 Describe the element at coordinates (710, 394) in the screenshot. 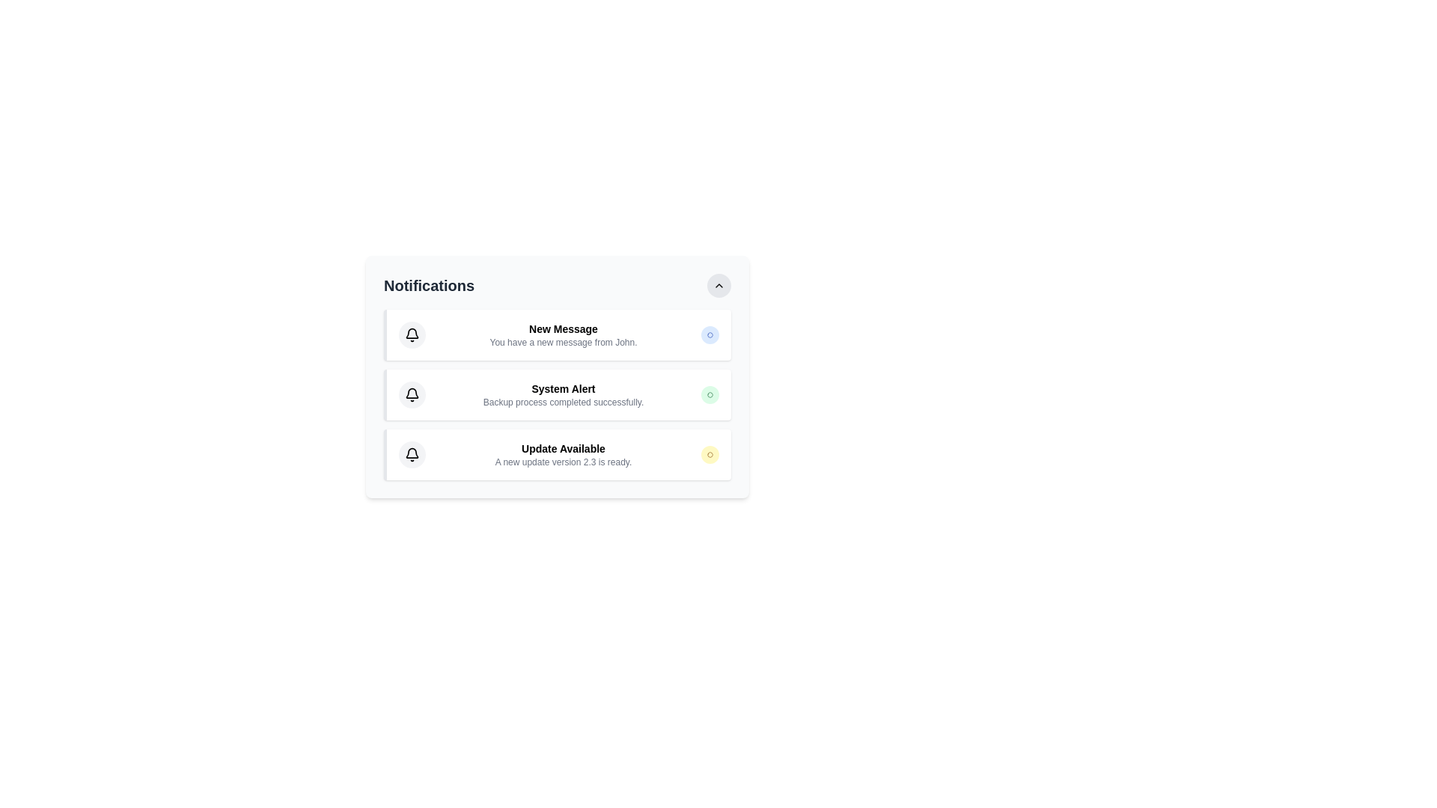

I see `the Status badge indicating a 'success' status, located to the right of the text 'Backup process completed successfully' in the 'System Alert' notification card` at that location.